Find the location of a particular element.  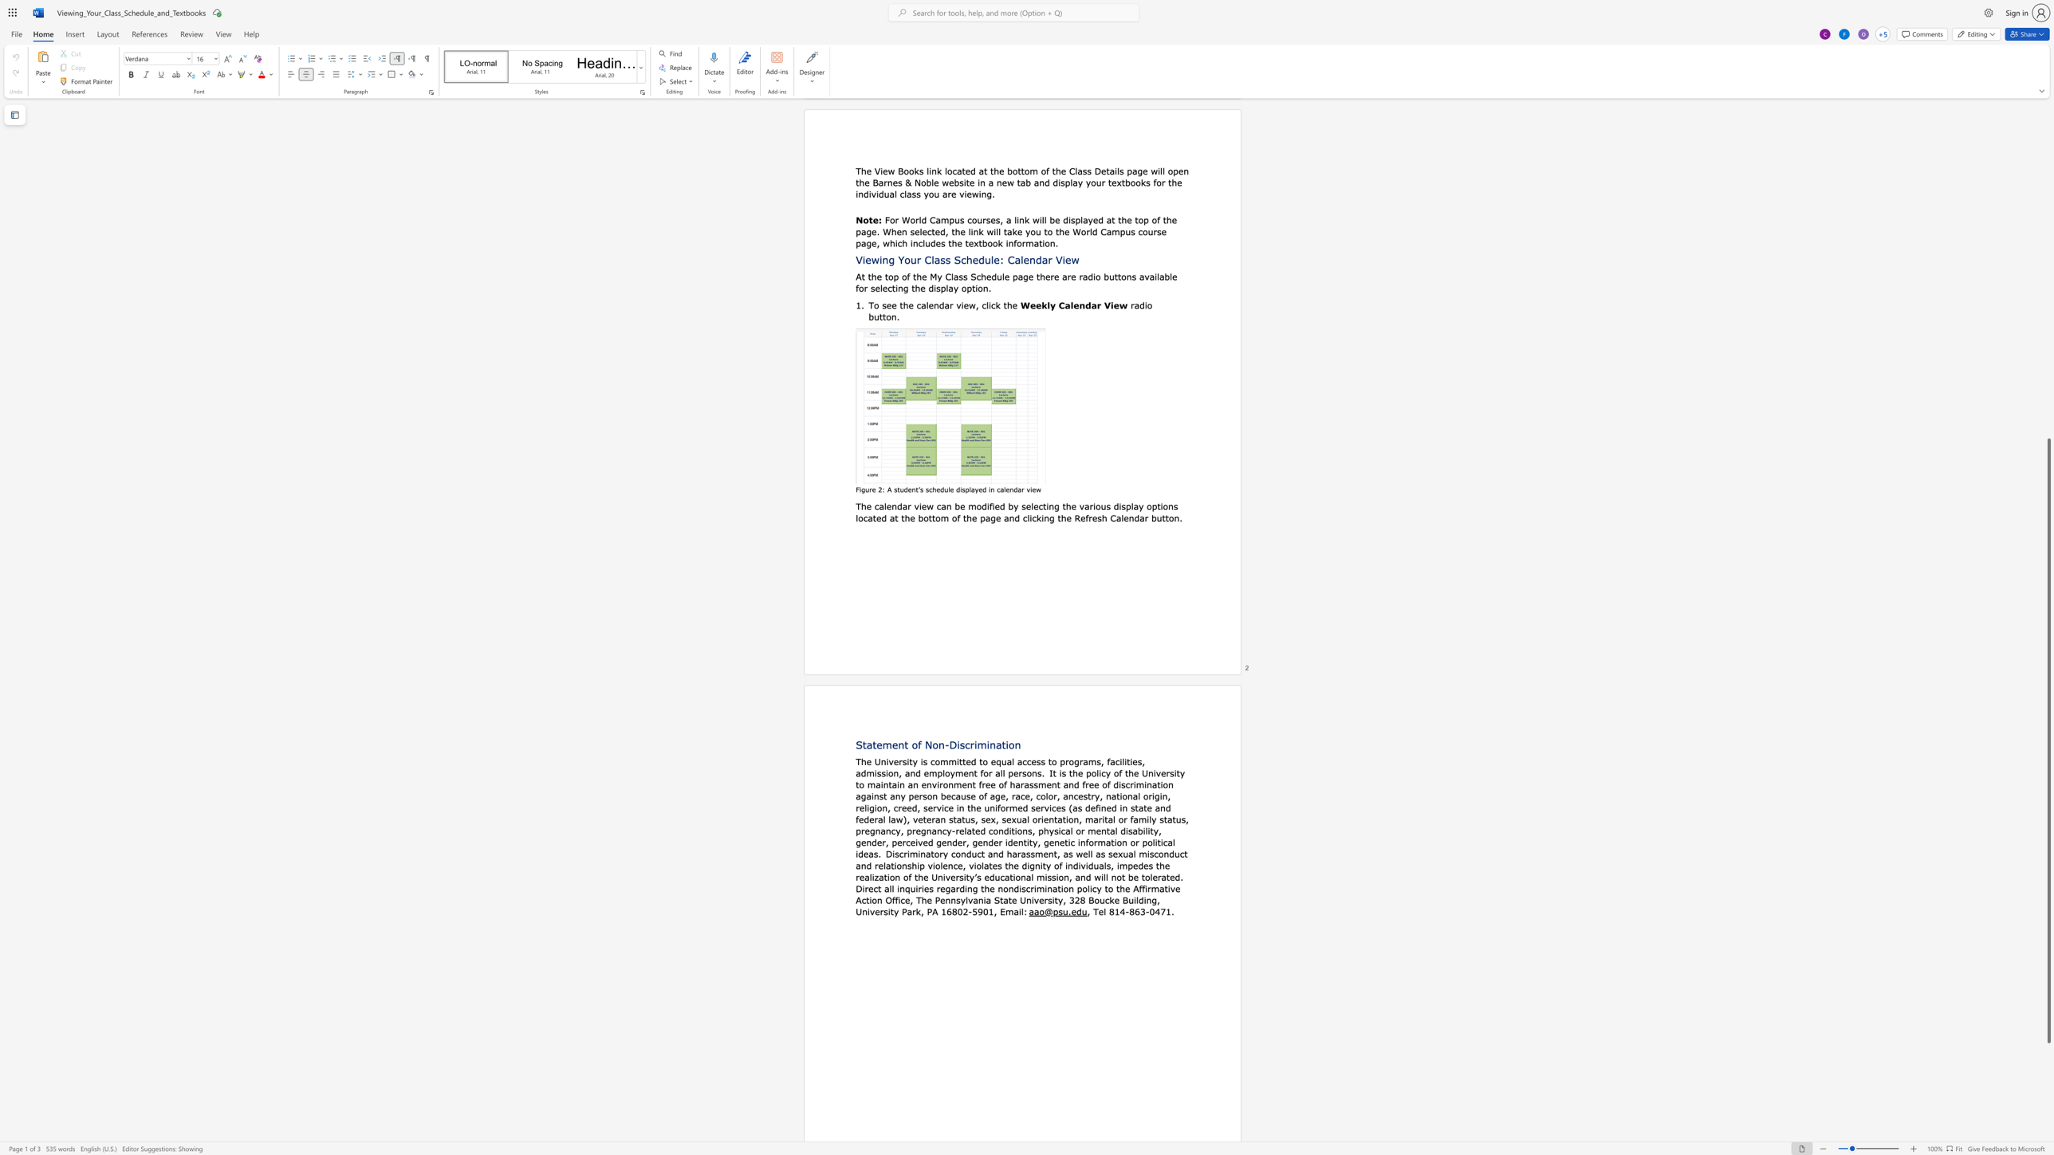

the scrollbar is located at coordinates (2048, 363).